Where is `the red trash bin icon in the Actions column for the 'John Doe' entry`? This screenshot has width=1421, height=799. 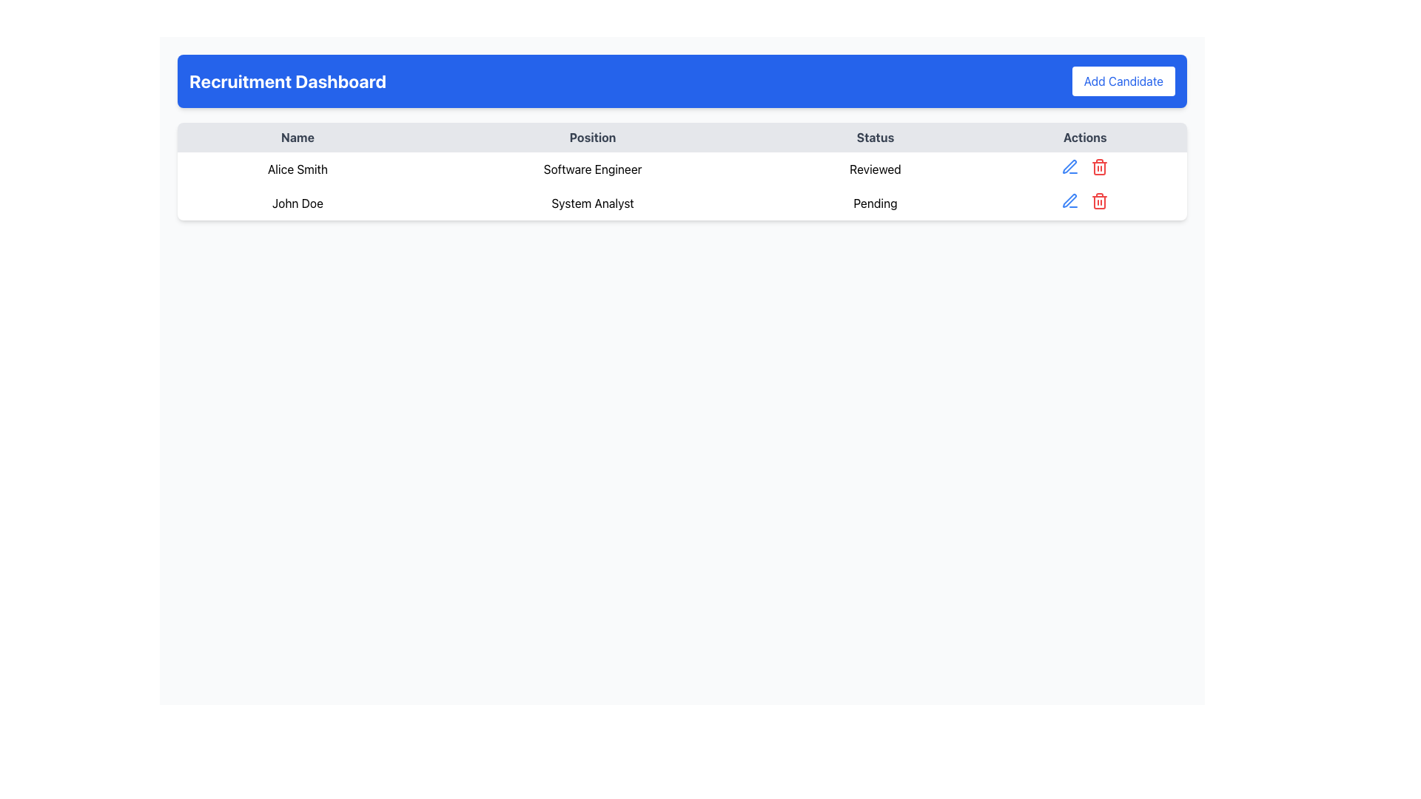
the red trash bin icon in the Actions column for the 'John Doe' entry is located at coordinates (1084, 203).